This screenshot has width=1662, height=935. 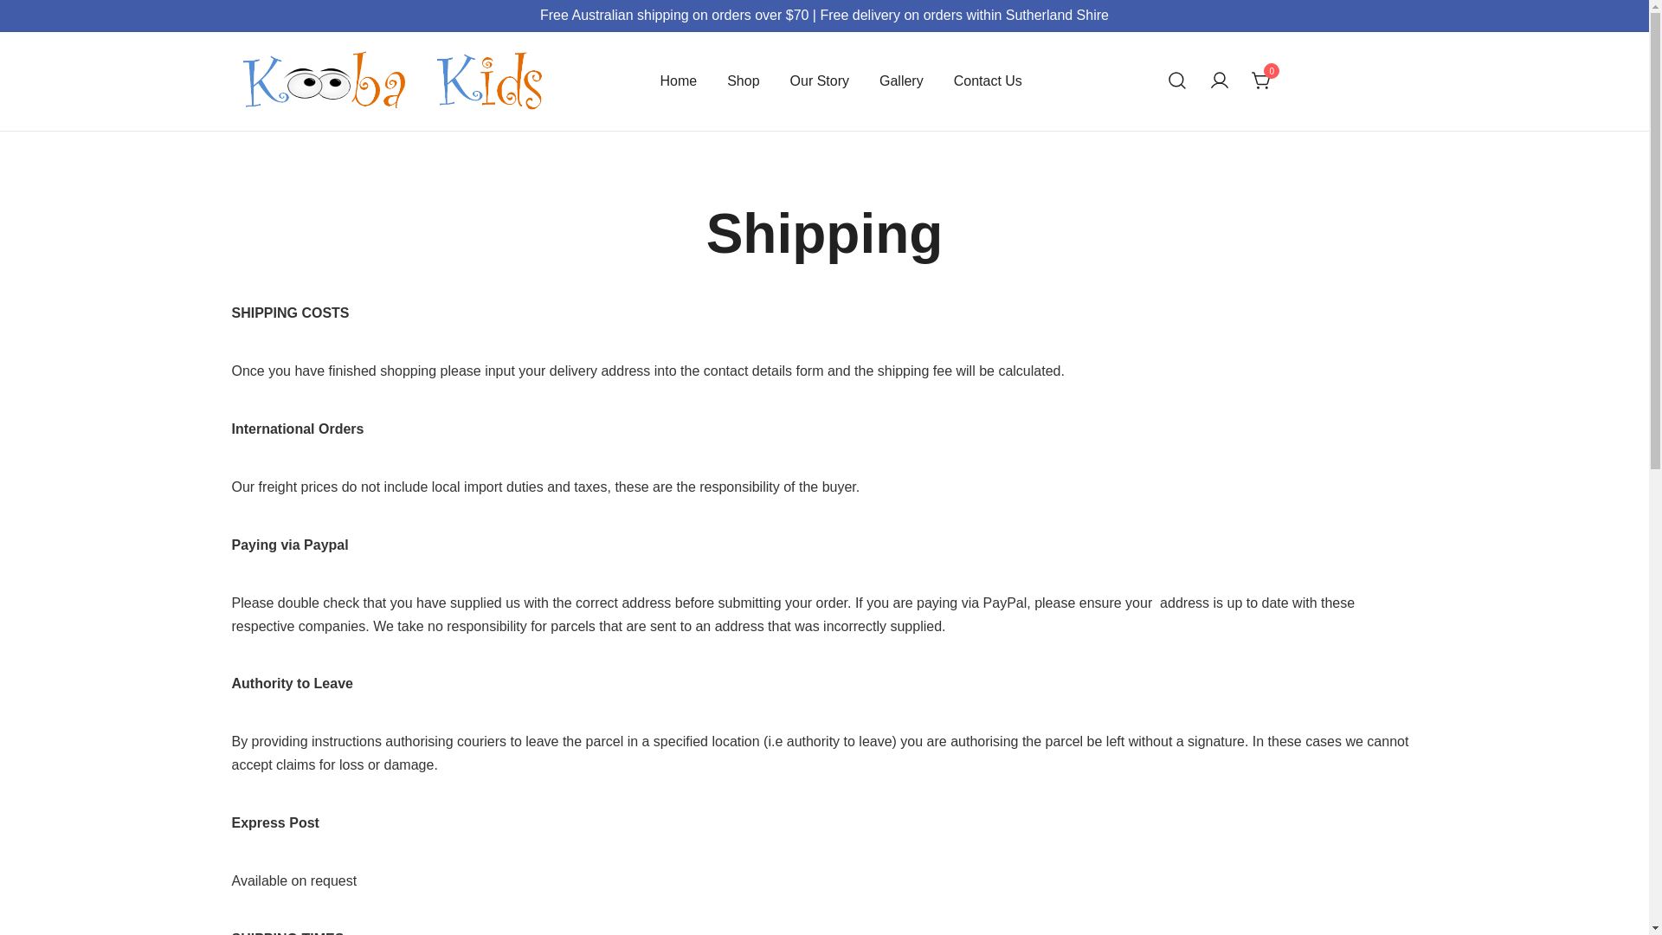 What do you see at coordinates (743, 81) in the screenshot?
I see `'Shop'` at bounding box center [743, 81].